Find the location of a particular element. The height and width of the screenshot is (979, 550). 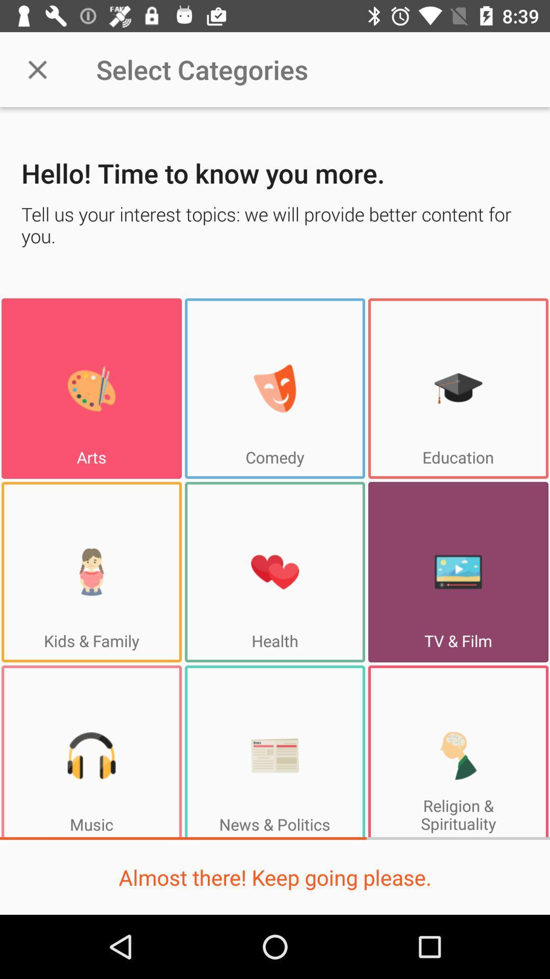

the icon at the top left corner is located at coordinates (37, 69).